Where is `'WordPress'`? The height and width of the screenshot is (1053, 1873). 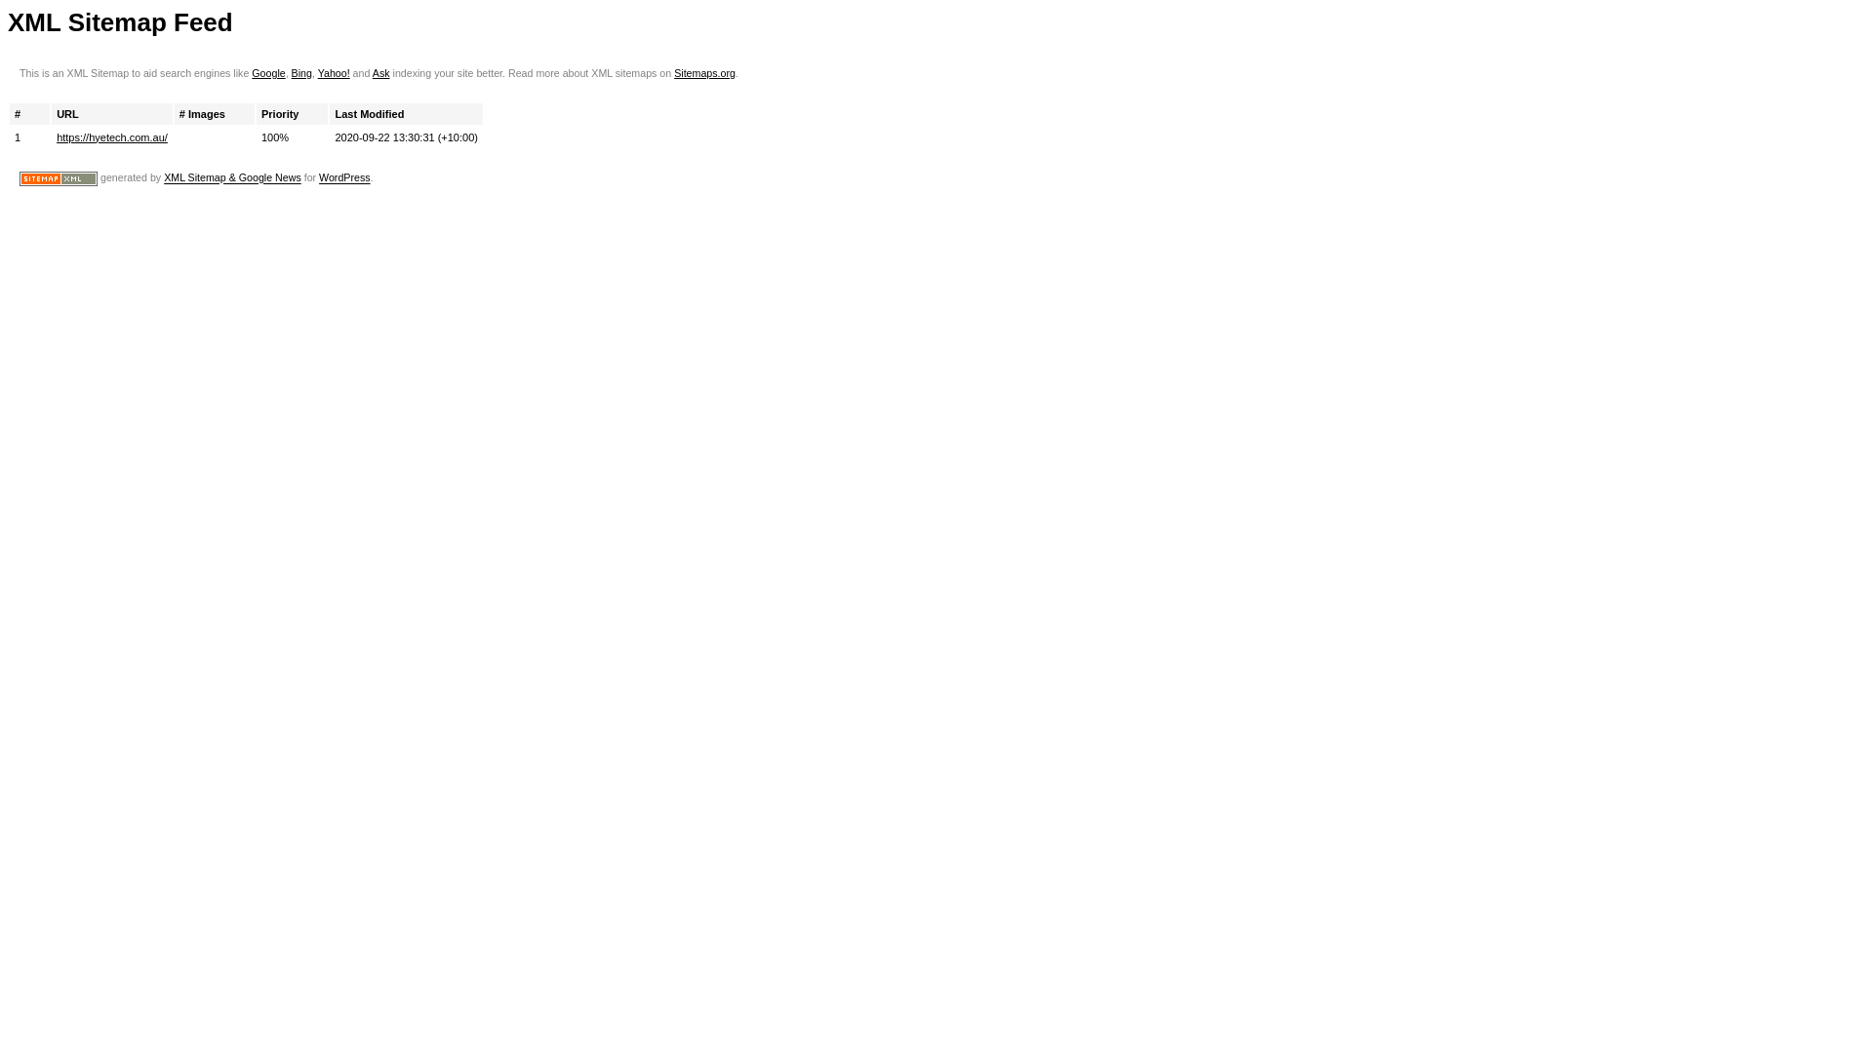 'WordPress' is located at coordinates (318, 177).